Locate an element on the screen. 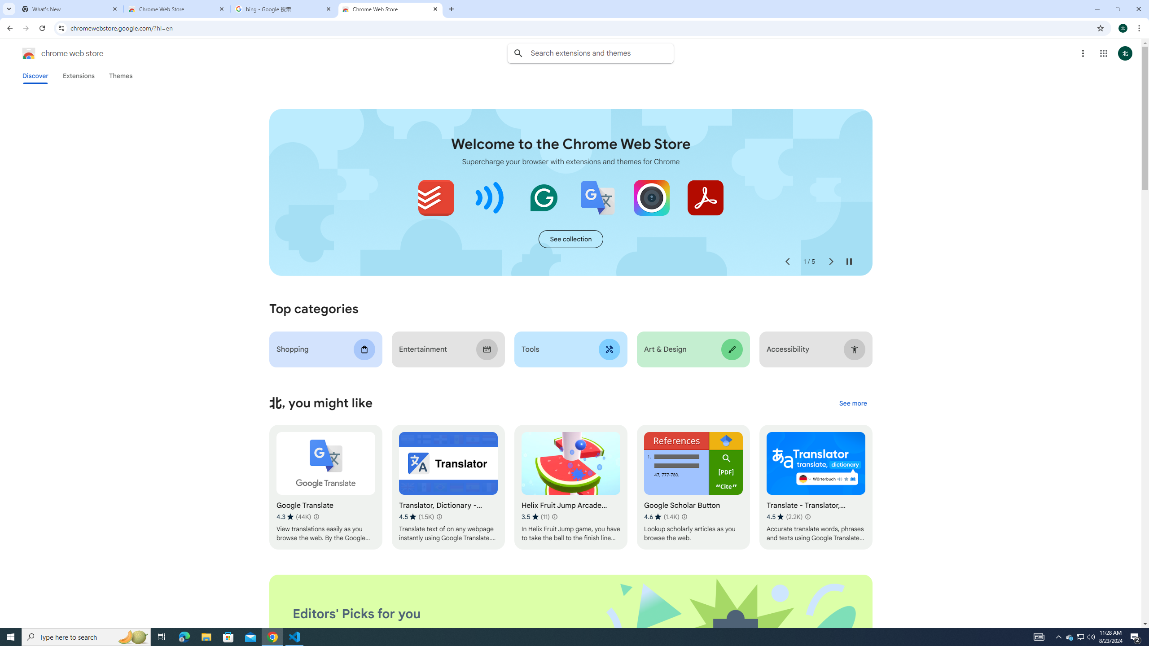  'Todoist for Chrome' is located at coordinates (435, 197).